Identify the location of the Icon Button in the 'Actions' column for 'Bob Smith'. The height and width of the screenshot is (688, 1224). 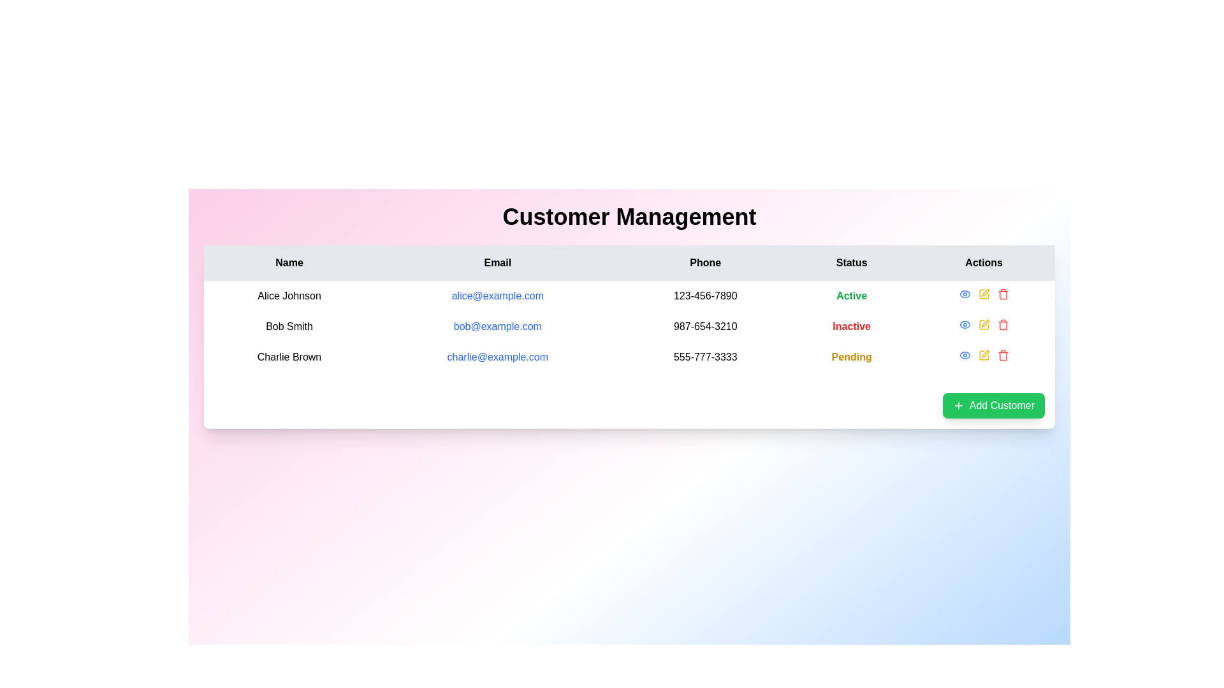
(965, 294).